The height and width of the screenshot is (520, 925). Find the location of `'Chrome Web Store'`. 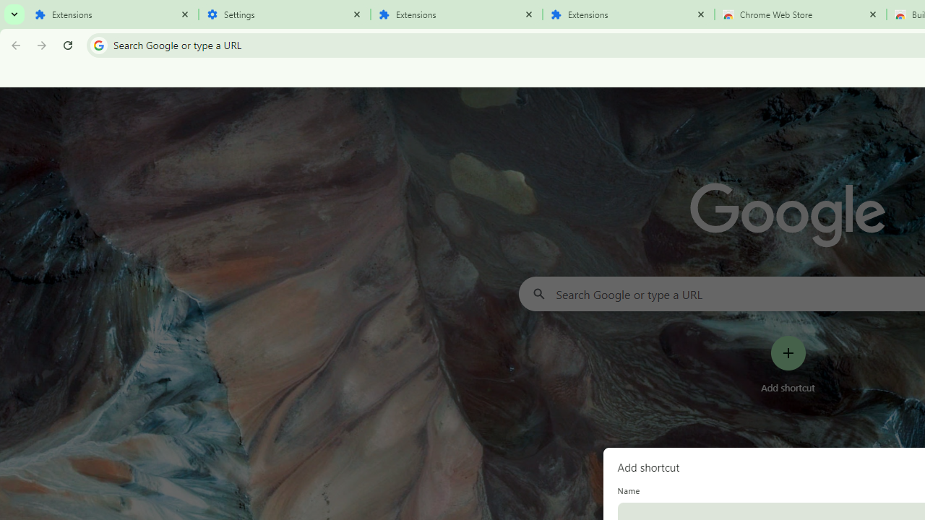

'Chrome Web Store' is located at coordinates (800, 14).